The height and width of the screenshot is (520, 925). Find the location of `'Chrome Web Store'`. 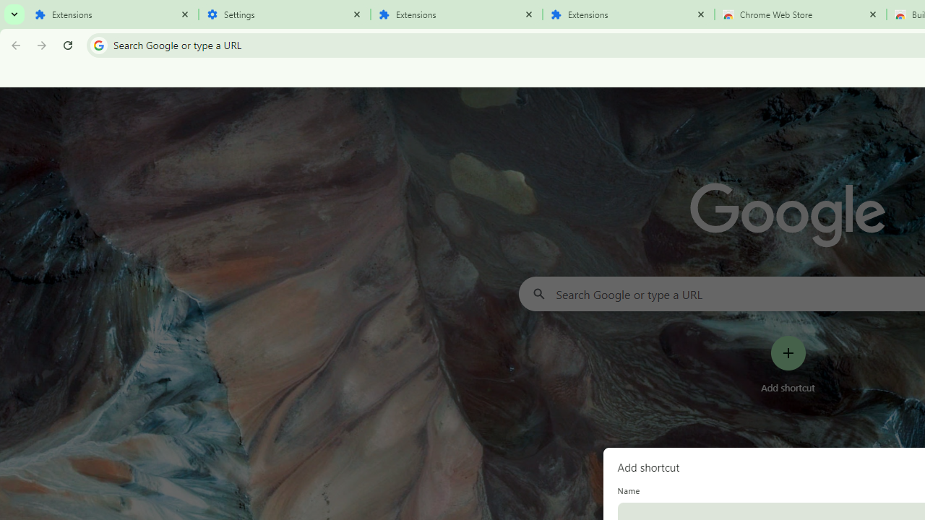

'Chrome Web Store' is located at coordinates (800, 14).